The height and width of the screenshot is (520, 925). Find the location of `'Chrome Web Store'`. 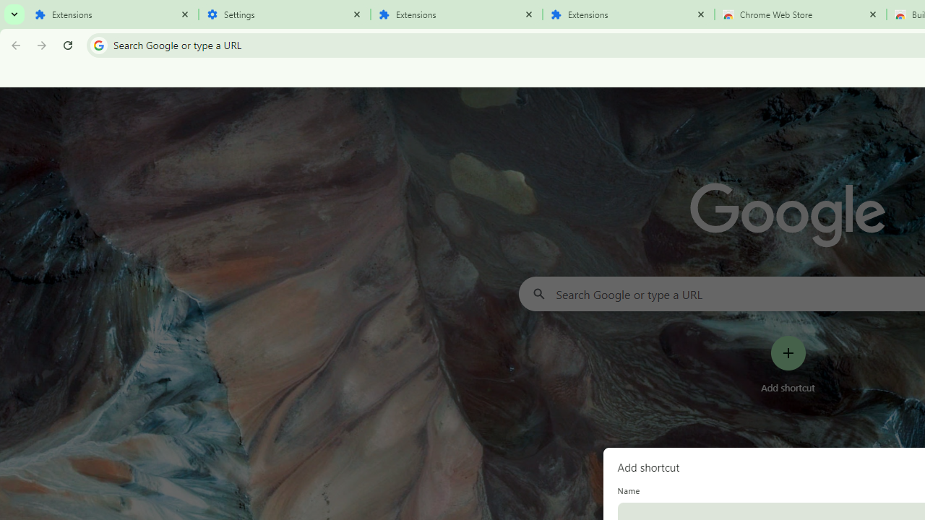

'Chrome Web Store' is located at coordinates (800, 14).